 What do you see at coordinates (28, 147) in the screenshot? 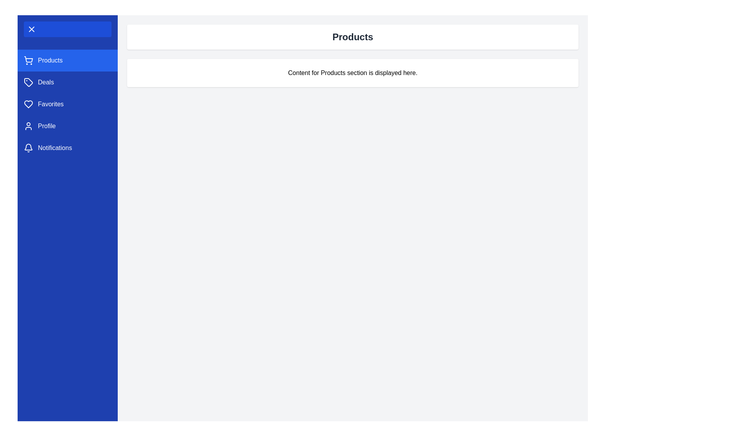
I see `the notification bell icon located at the bottom of the vertical sidebar menu` at bounding box center [28, 147].